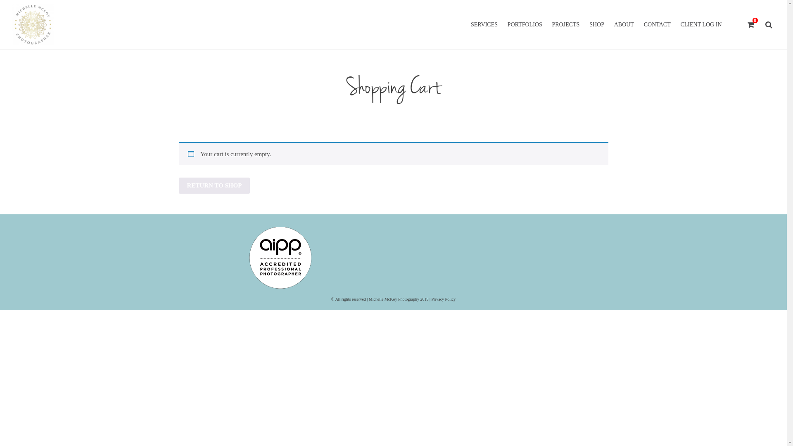 The width and height of the screenshot is (793, 446). What do you see at coordinates (214, 185) in the screenshot?
I see `'RETURN TO SHOP'` at bounding box center [214, 185].